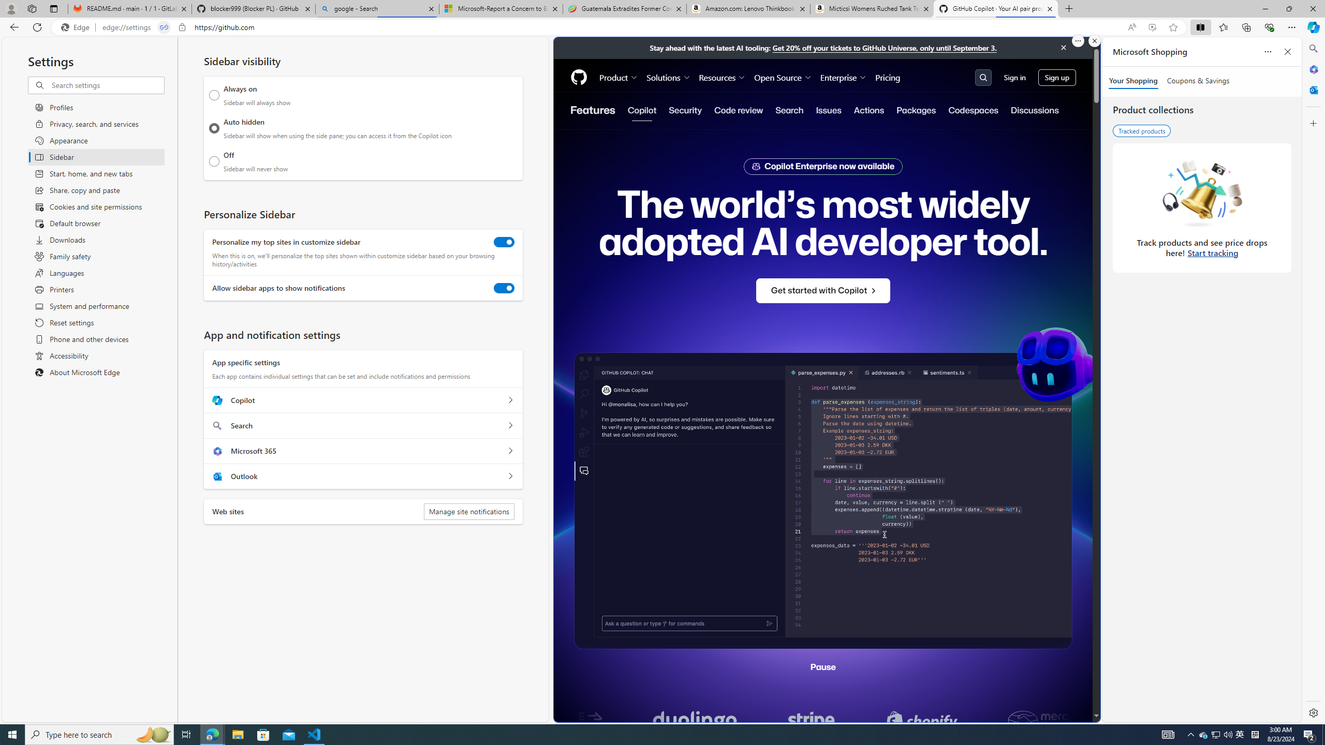  What do you see at coordinates (1014, 77) in the screenshot?
I see `'Sign in'` at bounding box center [1014, 77].